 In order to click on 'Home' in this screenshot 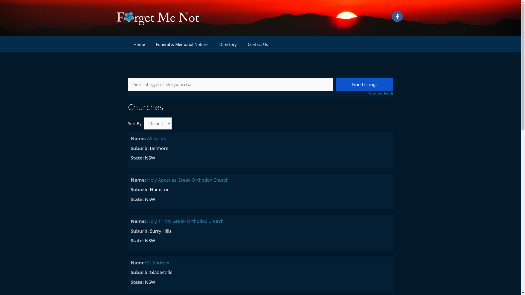, I will do `click(139, 44)`.